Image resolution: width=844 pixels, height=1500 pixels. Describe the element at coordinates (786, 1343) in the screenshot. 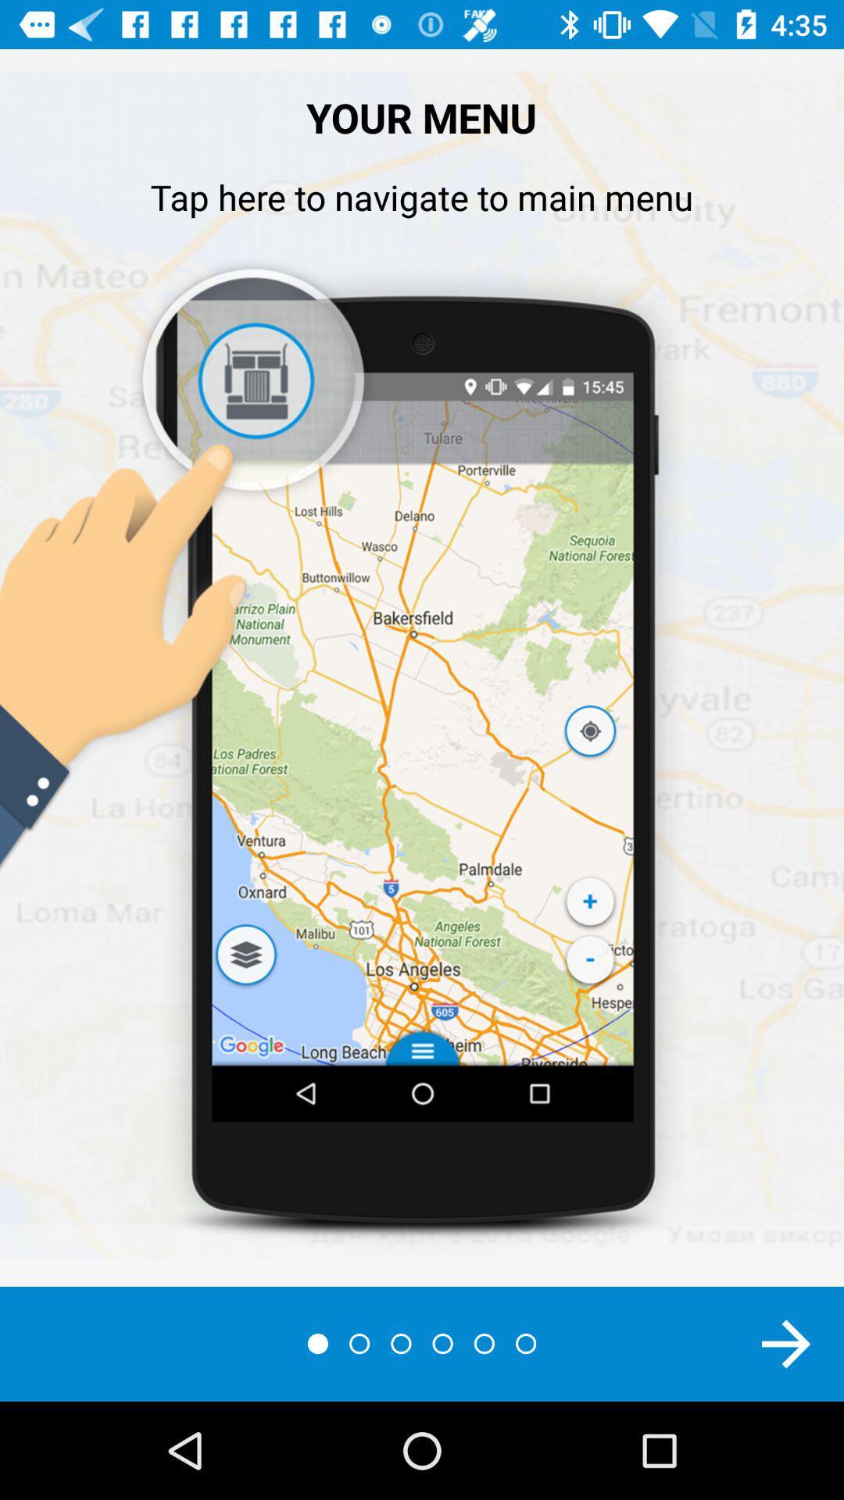

I see `the arrow_forward icon` at that location.